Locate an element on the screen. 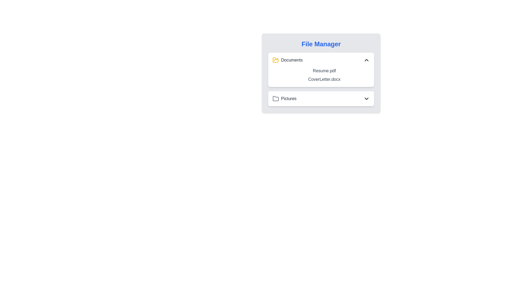 This screenshot has height=289, width=513. the Chevron Down icon located on the far right side of the 'Pictures' row in the File Manager is located at coordinates (366, 99).